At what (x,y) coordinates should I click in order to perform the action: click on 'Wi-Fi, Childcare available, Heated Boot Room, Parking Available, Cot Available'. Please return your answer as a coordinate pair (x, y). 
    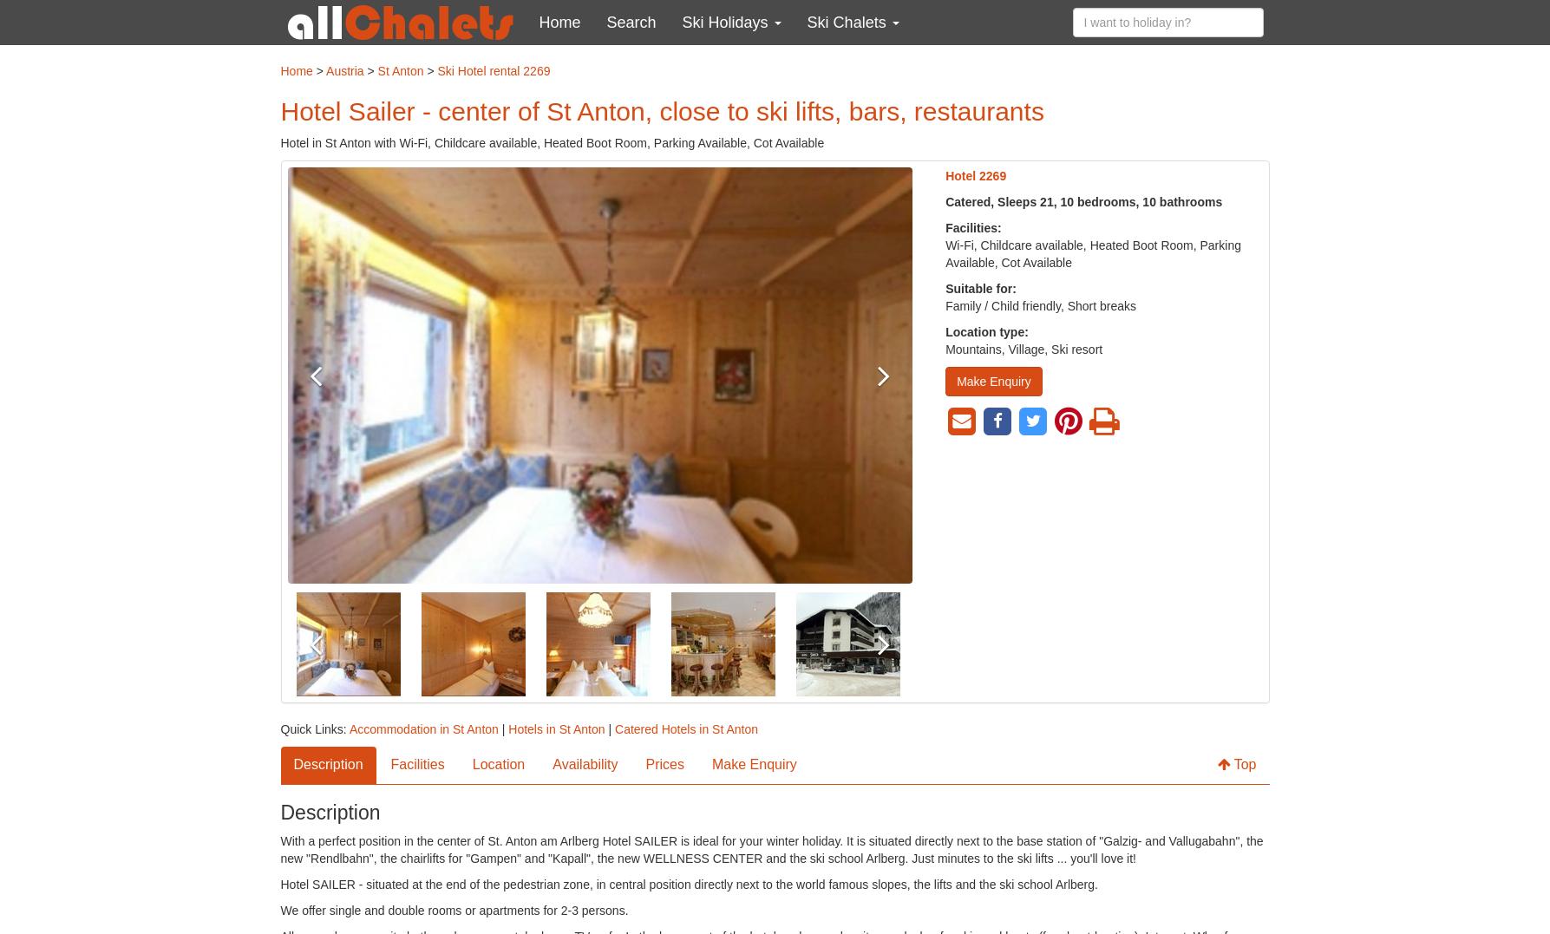
    Looking at the image, I should click on (1092, 254).